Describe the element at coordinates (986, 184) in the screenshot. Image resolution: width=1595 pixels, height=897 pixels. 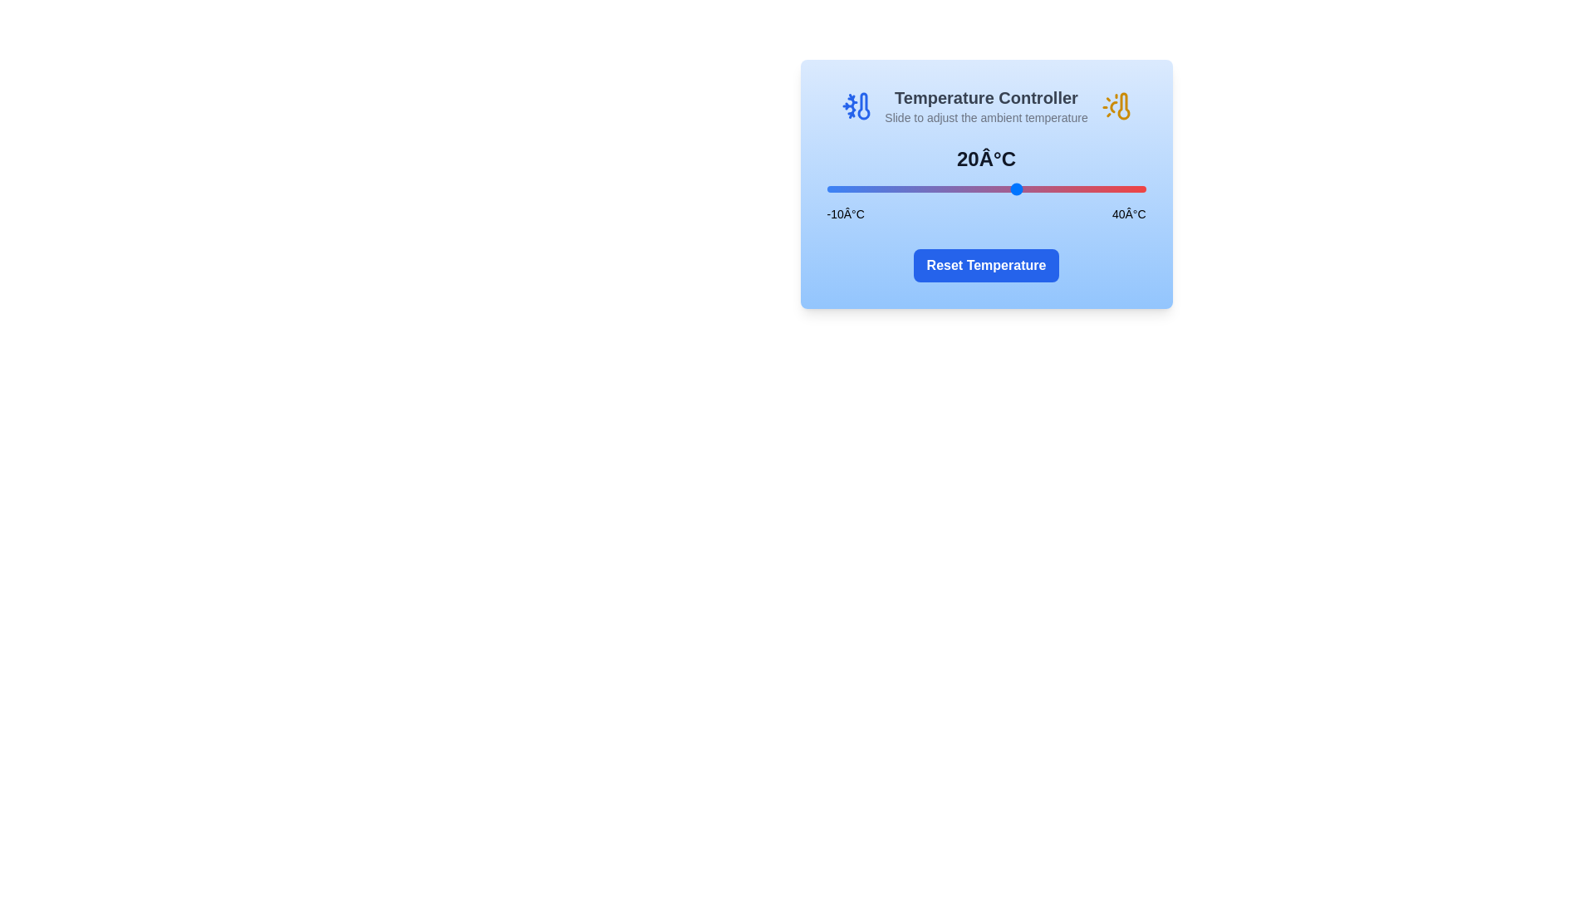
I see `the light blue panel titled 'Temperature Controller'` at that location.